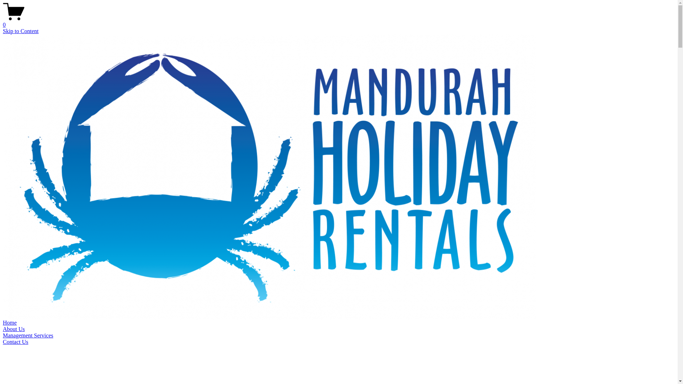  What do you see at coordinates (10, 322) in the screenshot?
I see `'Home'` at bounding box center [10, 322].